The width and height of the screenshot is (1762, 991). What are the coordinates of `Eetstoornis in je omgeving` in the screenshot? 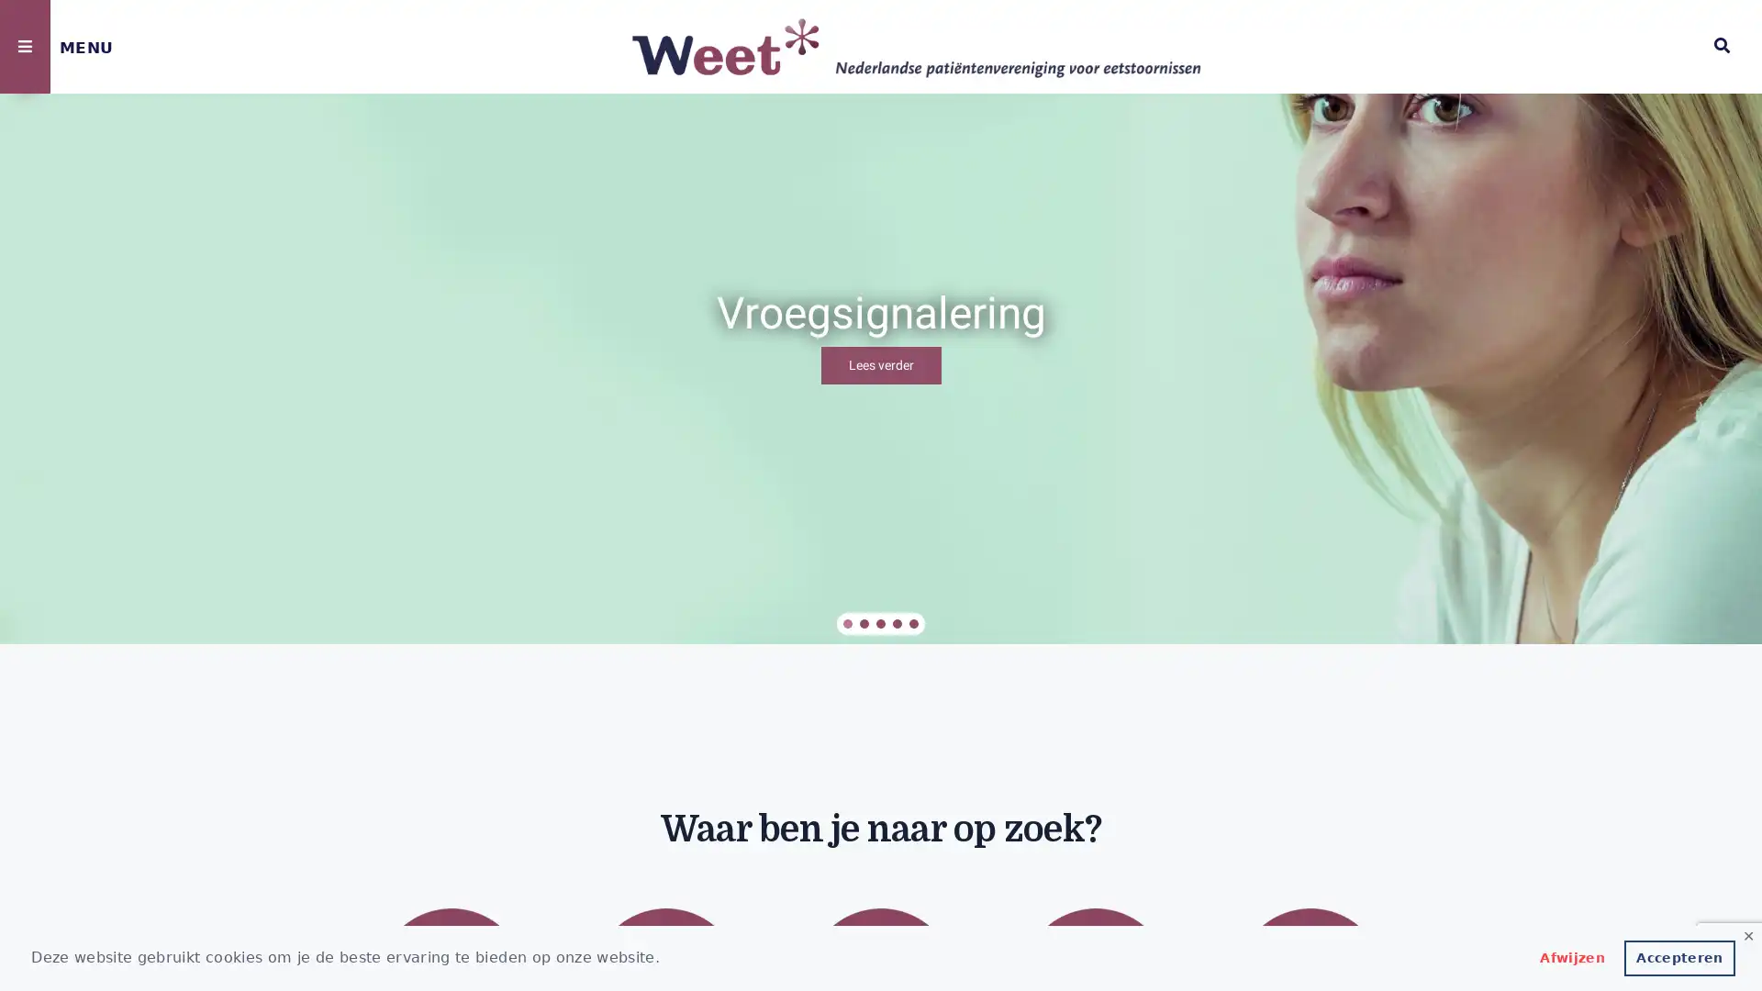 It's located at (863, 622).